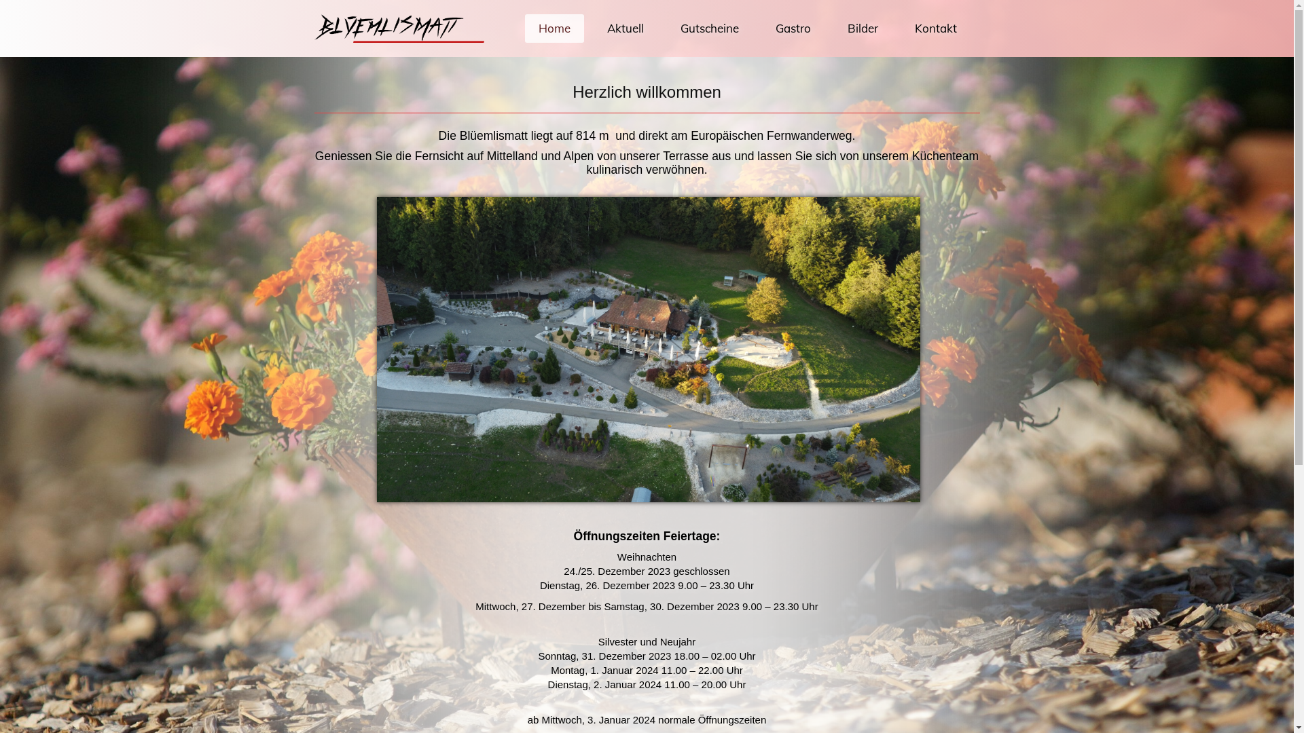  I want to click on 'Gastro', so click(793, 29).